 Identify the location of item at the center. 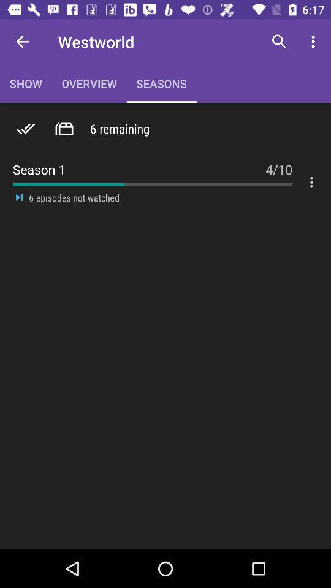
(161, 204).